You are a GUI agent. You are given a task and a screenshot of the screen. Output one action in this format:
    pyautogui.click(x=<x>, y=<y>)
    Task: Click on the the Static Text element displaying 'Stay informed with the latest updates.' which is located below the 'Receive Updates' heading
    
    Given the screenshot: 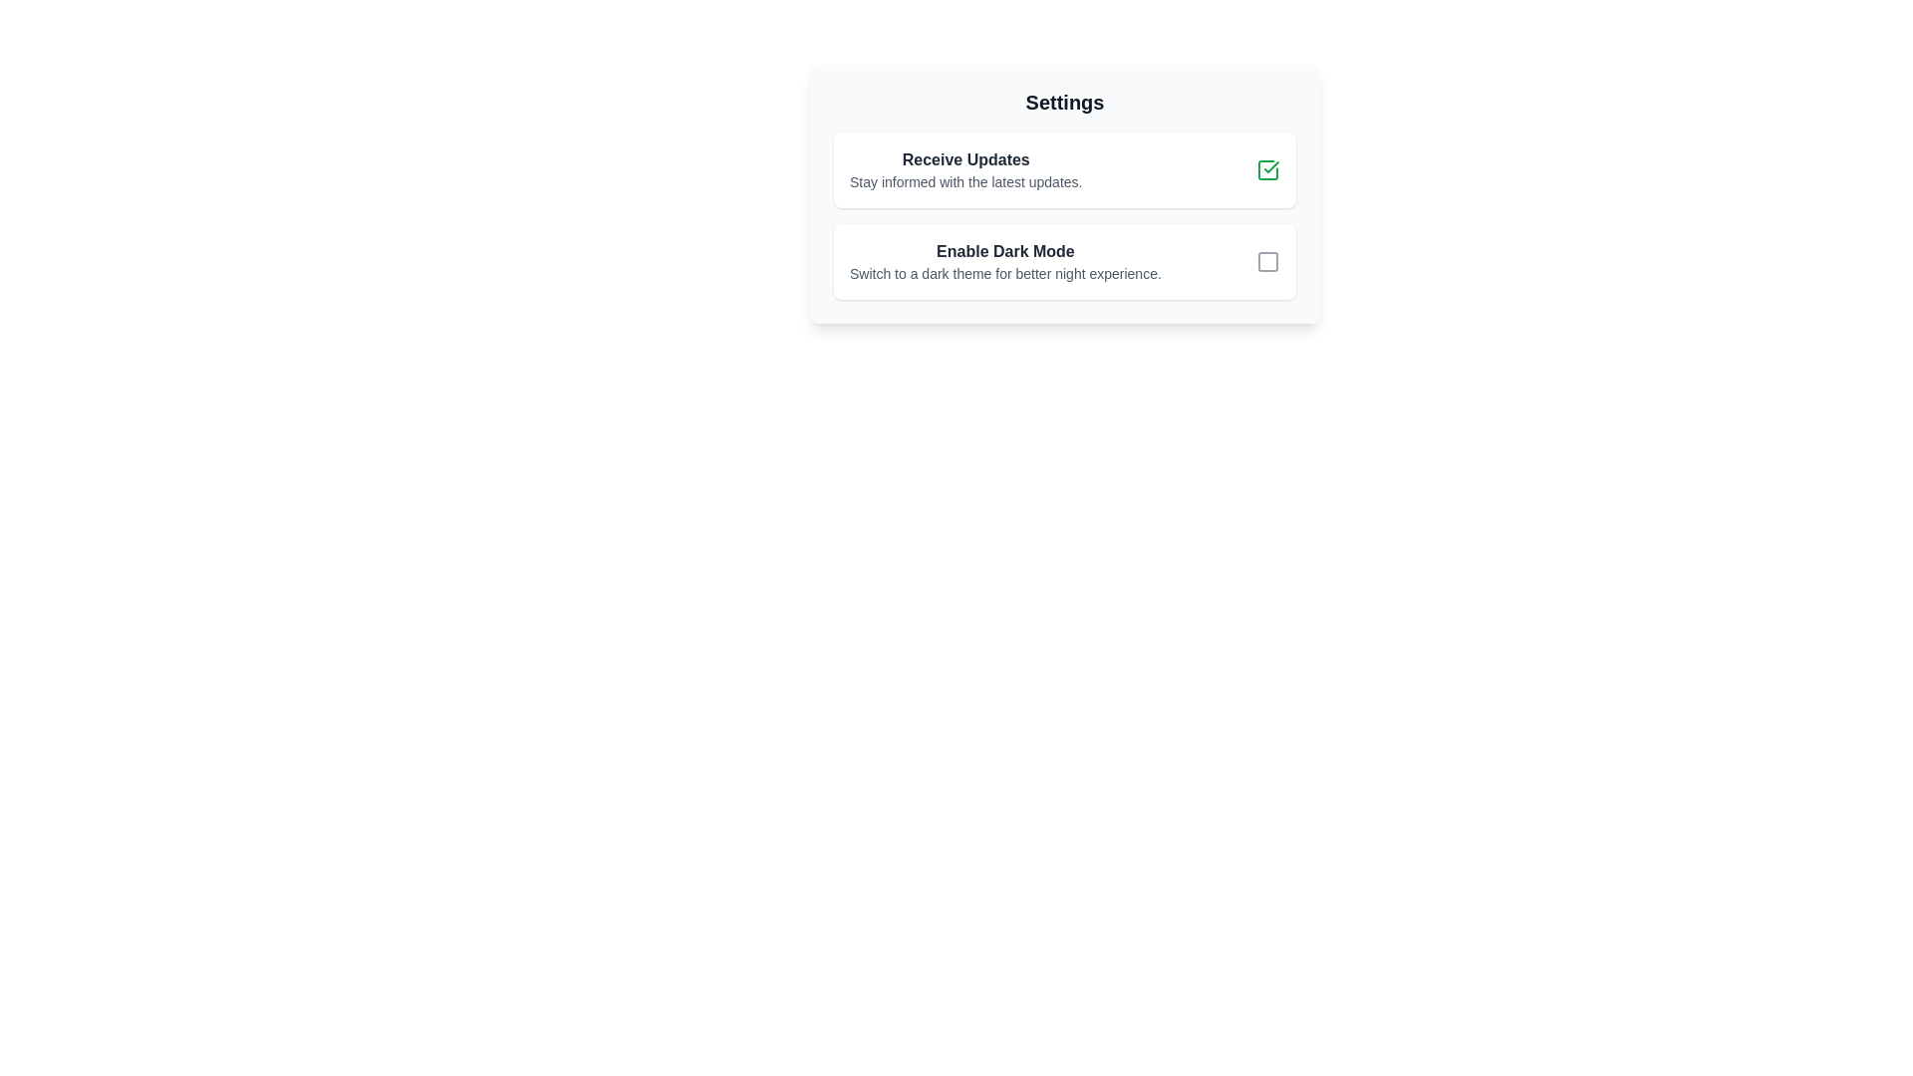 What is the action you would take?
    pyautogui.click(x=965, y=181)
    